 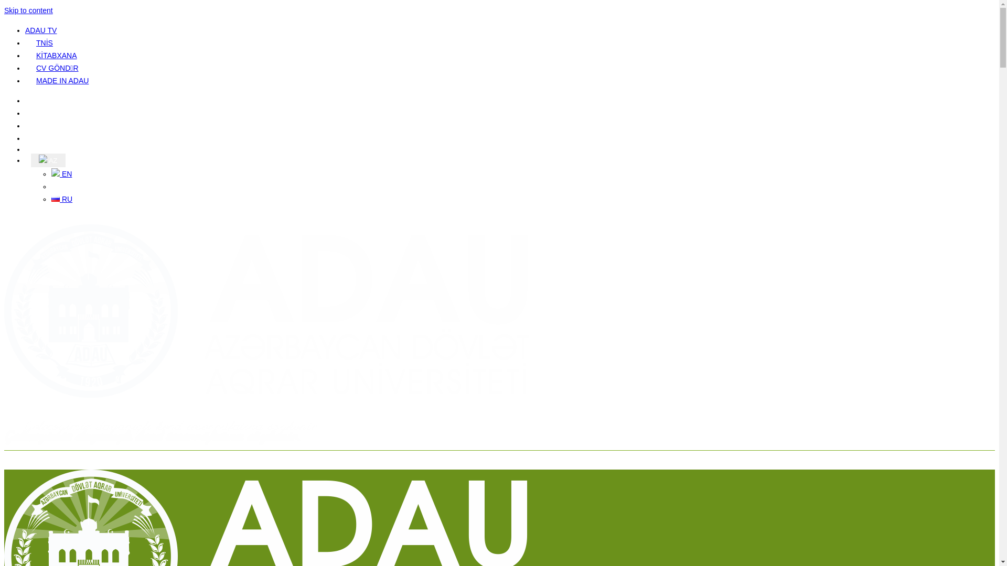 I want to click on 'Skip to content', so click(x=28, y=10).